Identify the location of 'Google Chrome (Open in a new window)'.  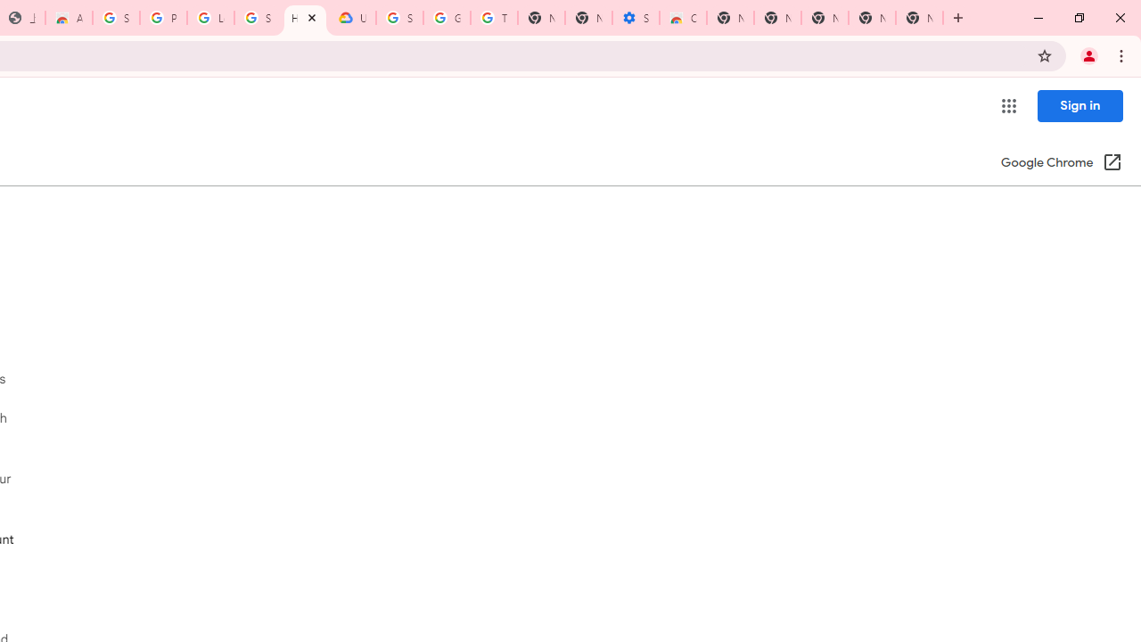
(1062, 163).